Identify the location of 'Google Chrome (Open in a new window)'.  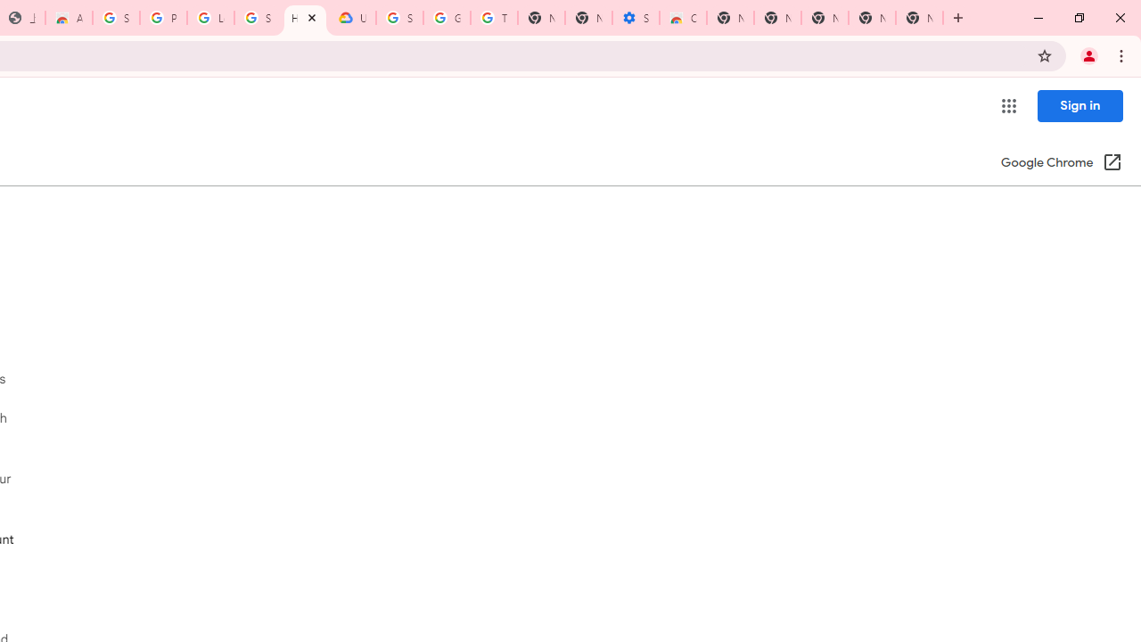
(1062, 163).